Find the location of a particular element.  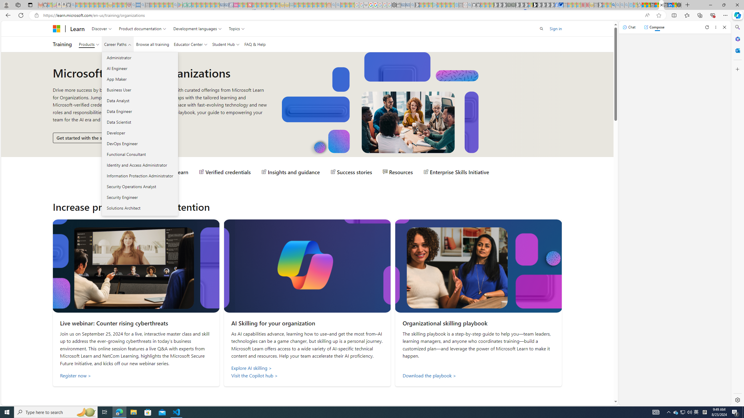

'Data Analyst' is located at coordinates (140, 100).